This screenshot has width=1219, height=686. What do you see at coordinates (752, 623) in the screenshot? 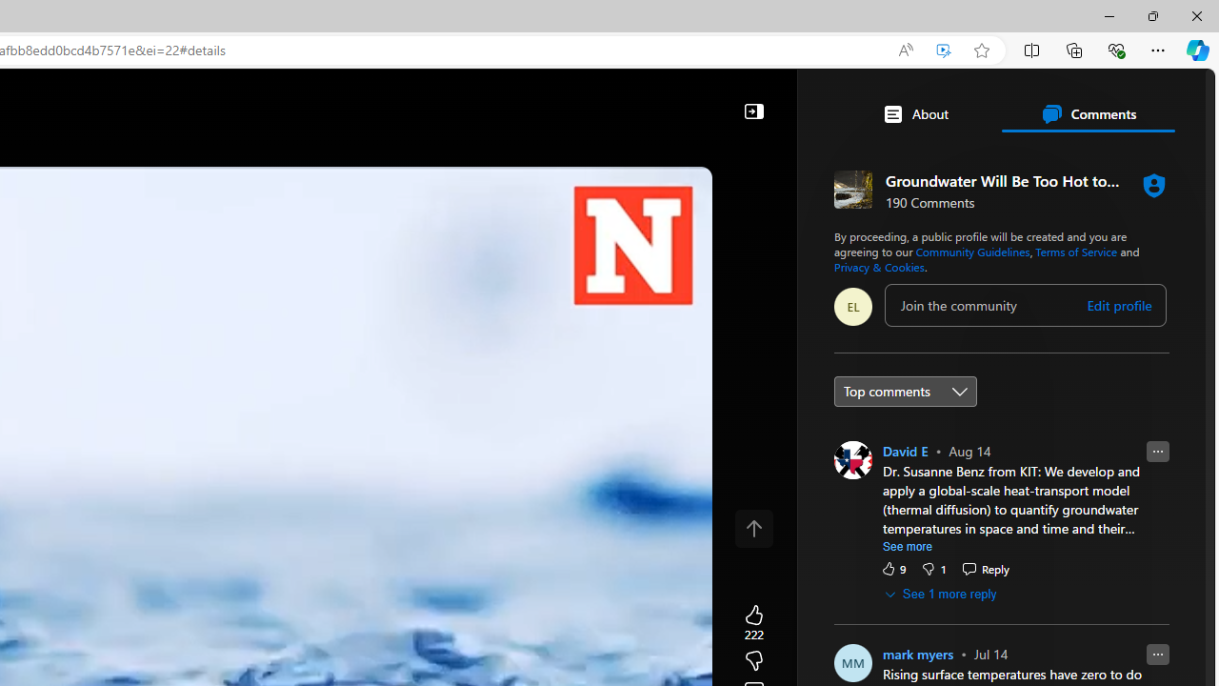
I see `'222 Like'` at bounding box center [752, 623].